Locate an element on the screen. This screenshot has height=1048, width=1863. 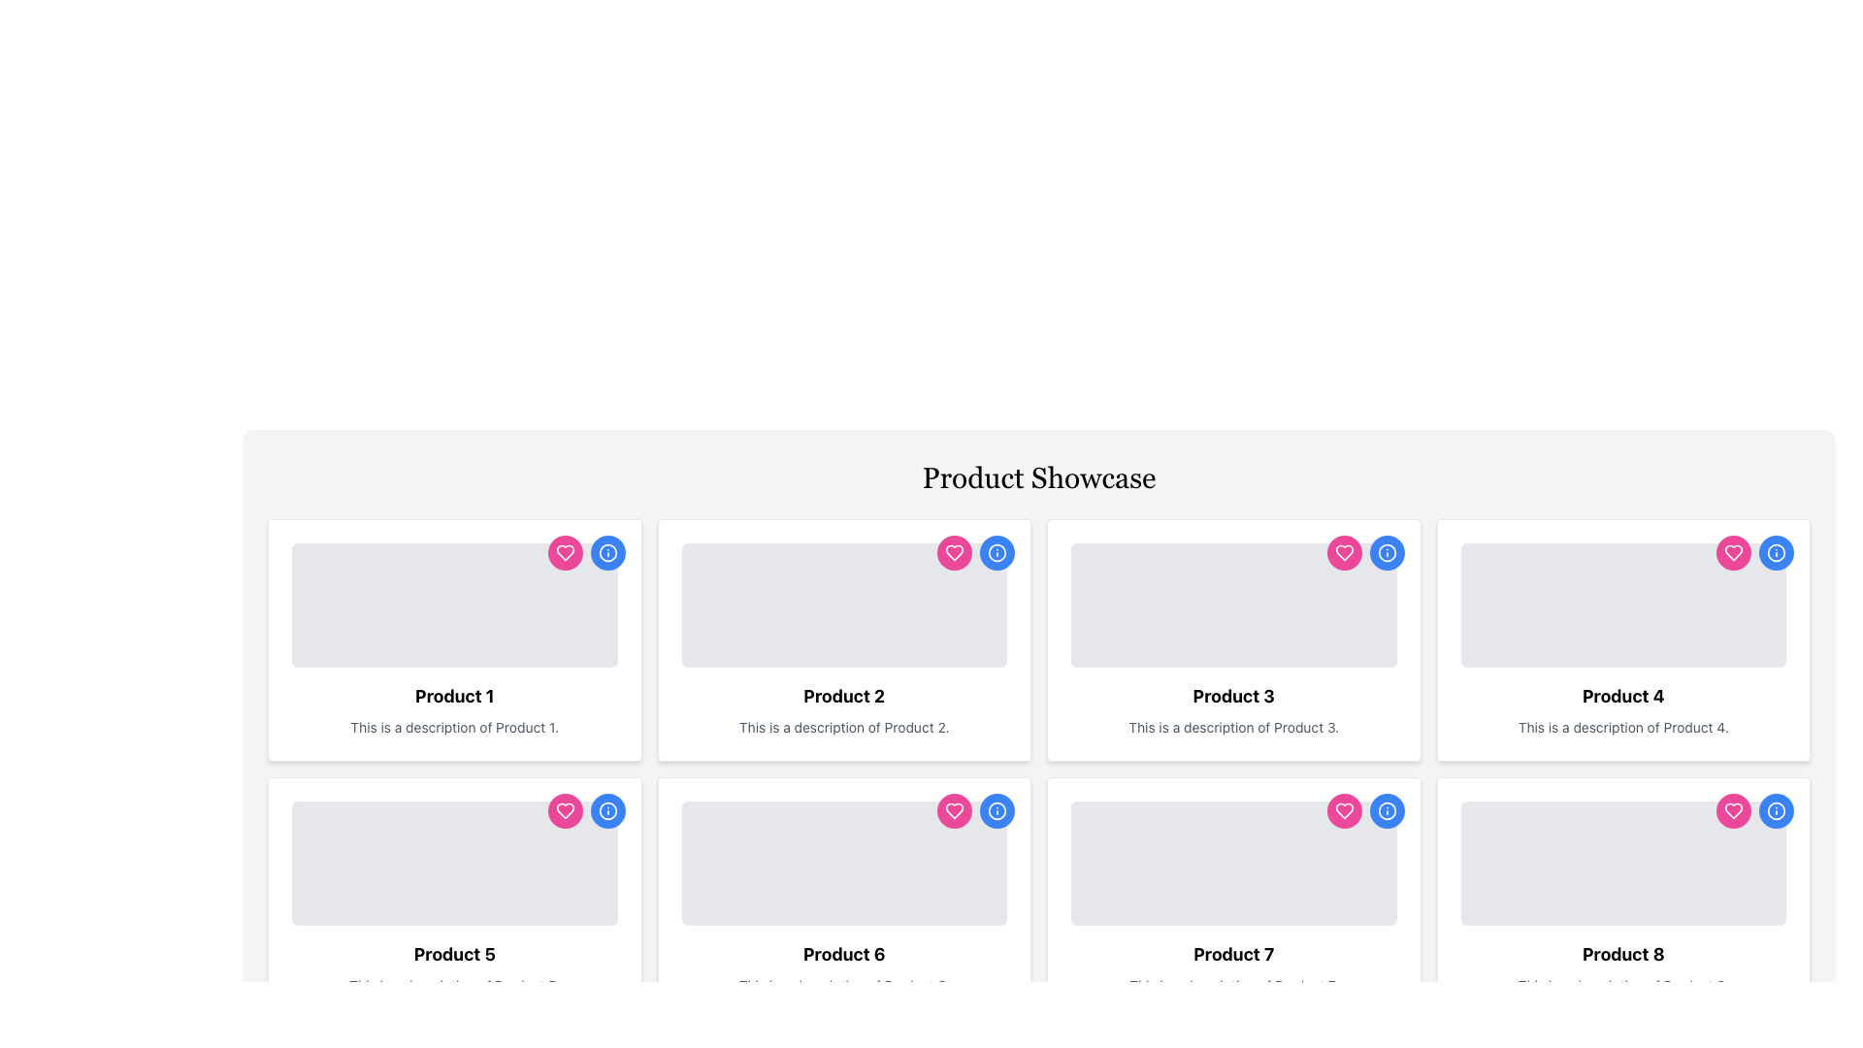
the circular blue info button located at the top-right corner of the 'Product 3' card is located at coordinates (1386, 553).